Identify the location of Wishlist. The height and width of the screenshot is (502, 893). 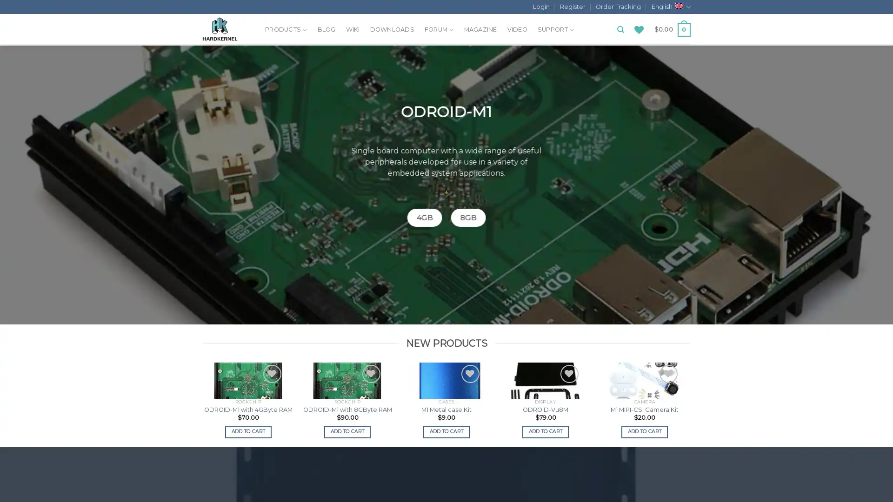
(470, 373).